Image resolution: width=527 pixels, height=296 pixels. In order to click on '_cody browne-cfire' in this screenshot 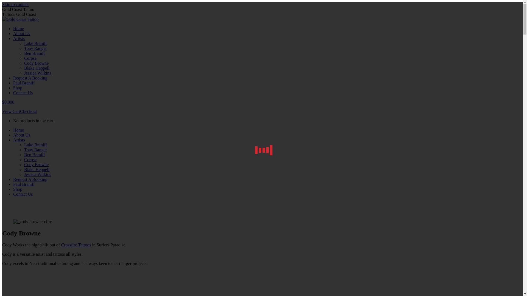, I will do `click(13, 221)`.